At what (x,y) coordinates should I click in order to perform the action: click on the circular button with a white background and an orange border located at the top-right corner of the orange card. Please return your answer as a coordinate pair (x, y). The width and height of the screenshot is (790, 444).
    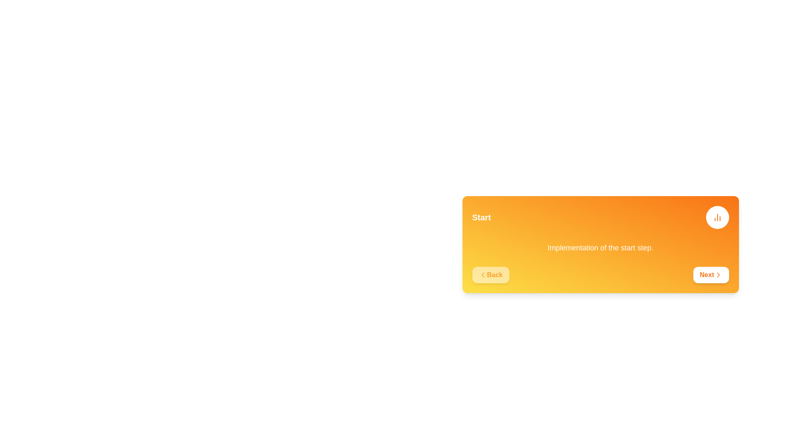
    Looking at the image, I should click on (717, 217).